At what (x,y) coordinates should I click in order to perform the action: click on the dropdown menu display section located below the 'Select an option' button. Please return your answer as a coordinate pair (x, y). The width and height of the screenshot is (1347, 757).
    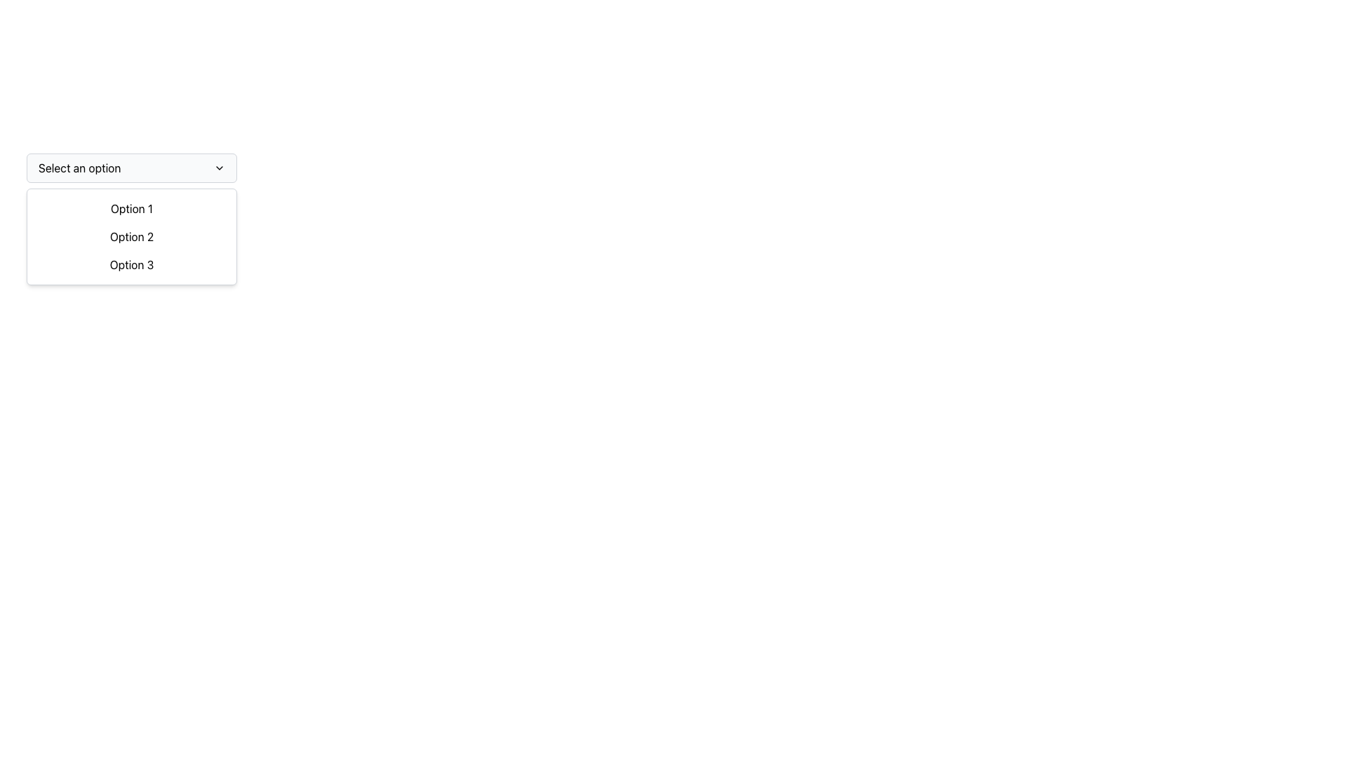
    Looking at the image, I should click on (131, 236).